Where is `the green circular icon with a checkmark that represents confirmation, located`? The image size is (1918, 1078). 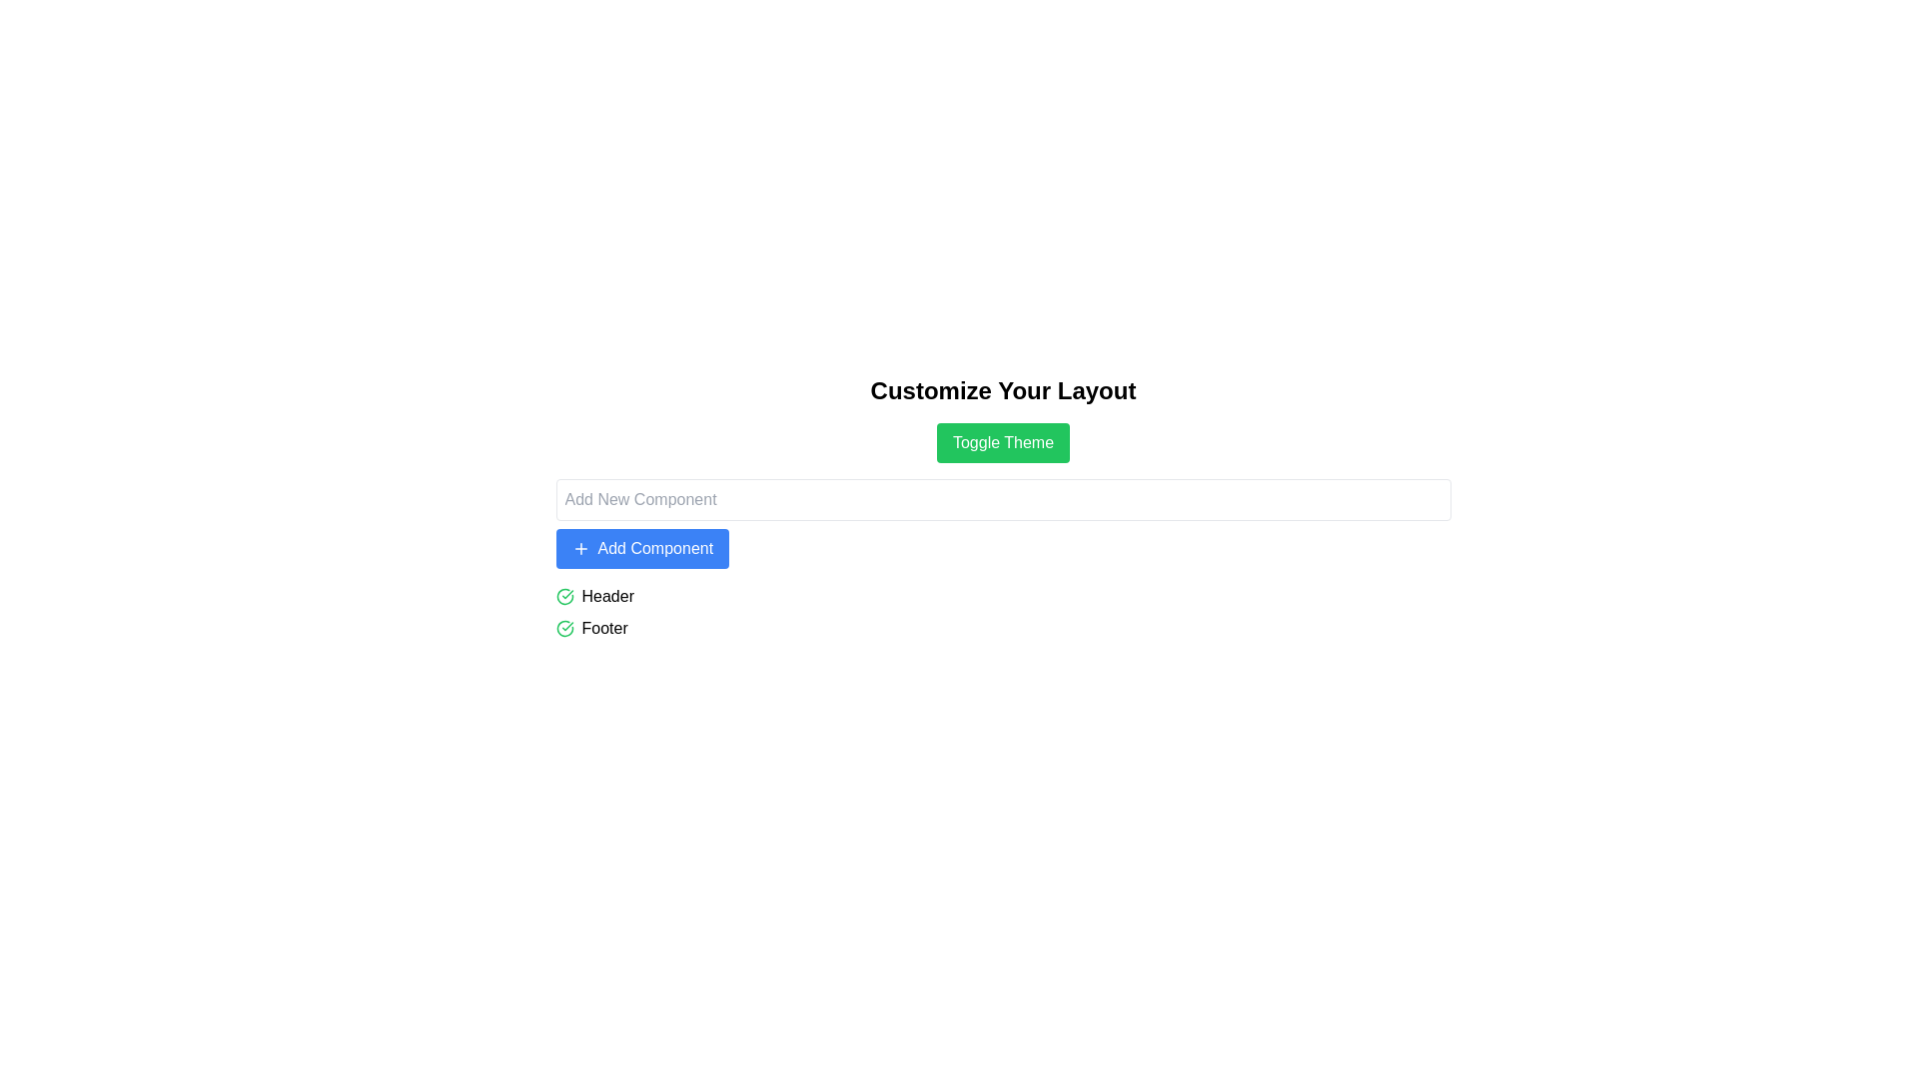 the green circular icon with a checkmark that represents confirmation, located is located at coordinates (563, 627).